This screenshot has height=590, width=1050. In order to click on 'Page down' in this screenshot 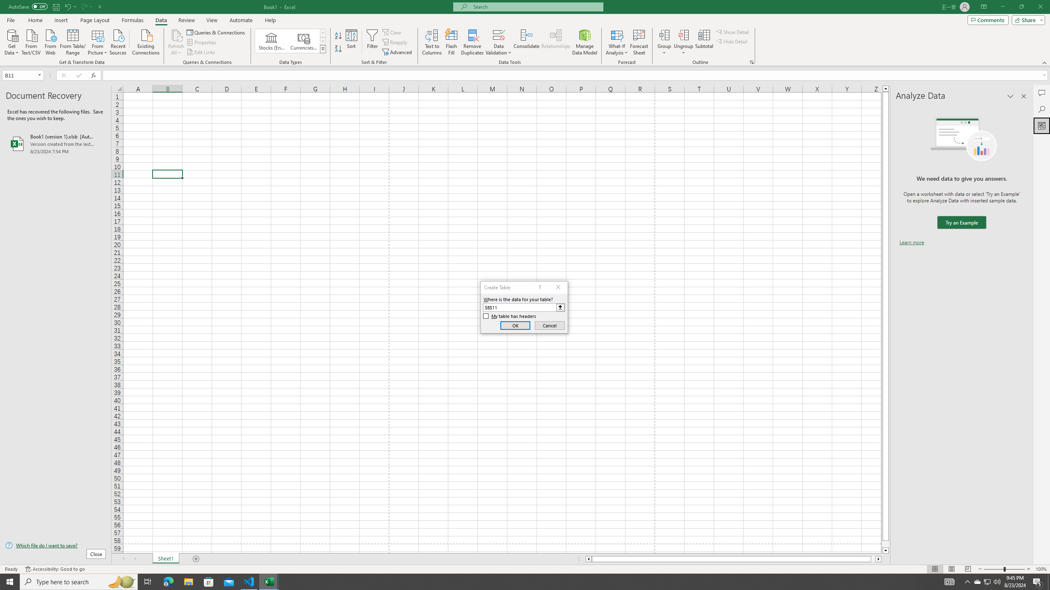, I will do `click(886, 544)`.